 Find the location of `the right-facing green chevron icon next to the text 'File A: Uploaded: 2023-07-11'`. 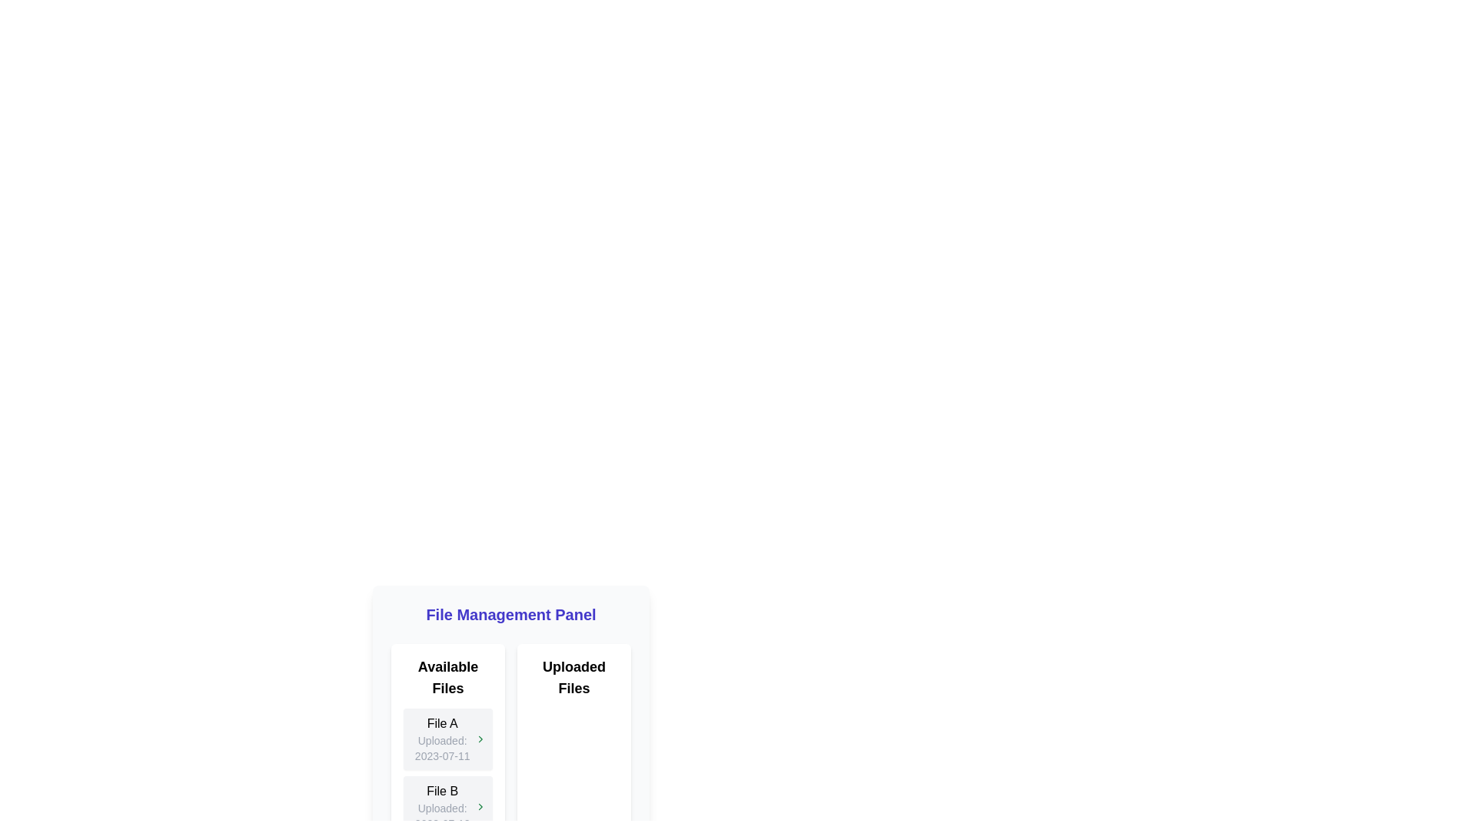

the right-facing green chevron icon next to the text 'File A: Uploaded: 2023-07-11' is located at coordinates (480, 738).